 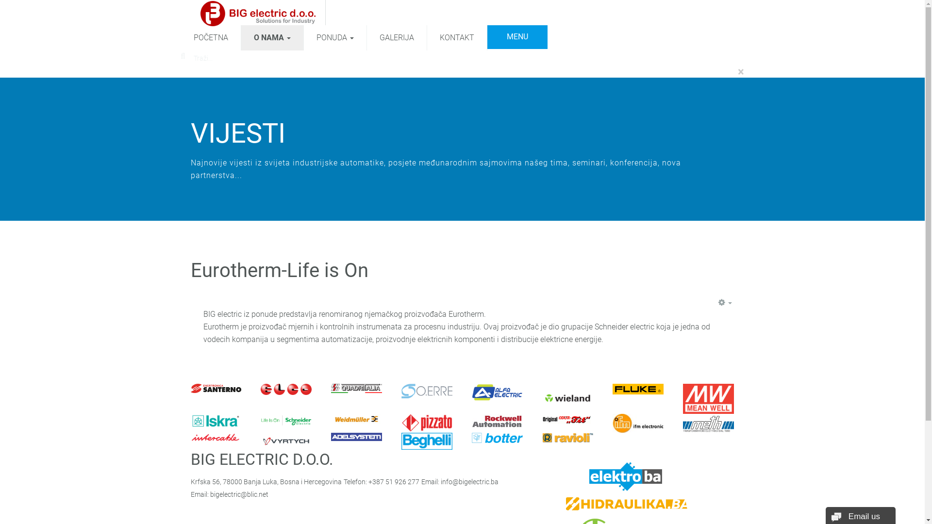 I want to click on 'Hidraulika.ba', so click(x=627, y=504).